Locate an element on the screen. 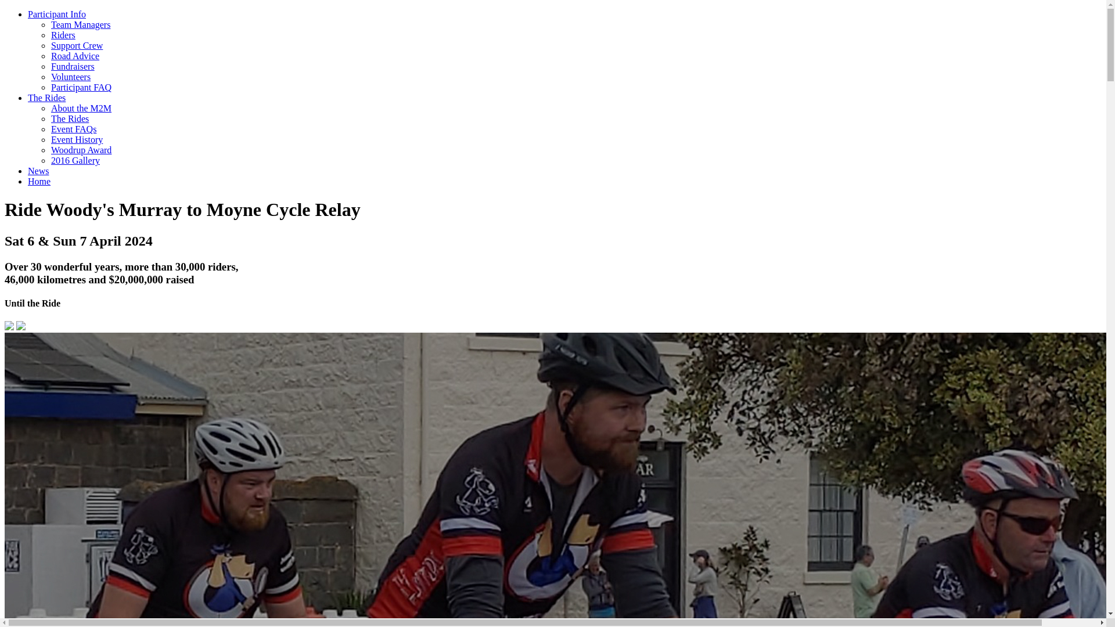  'Fundraisers' is located at coordinates (72, 66).